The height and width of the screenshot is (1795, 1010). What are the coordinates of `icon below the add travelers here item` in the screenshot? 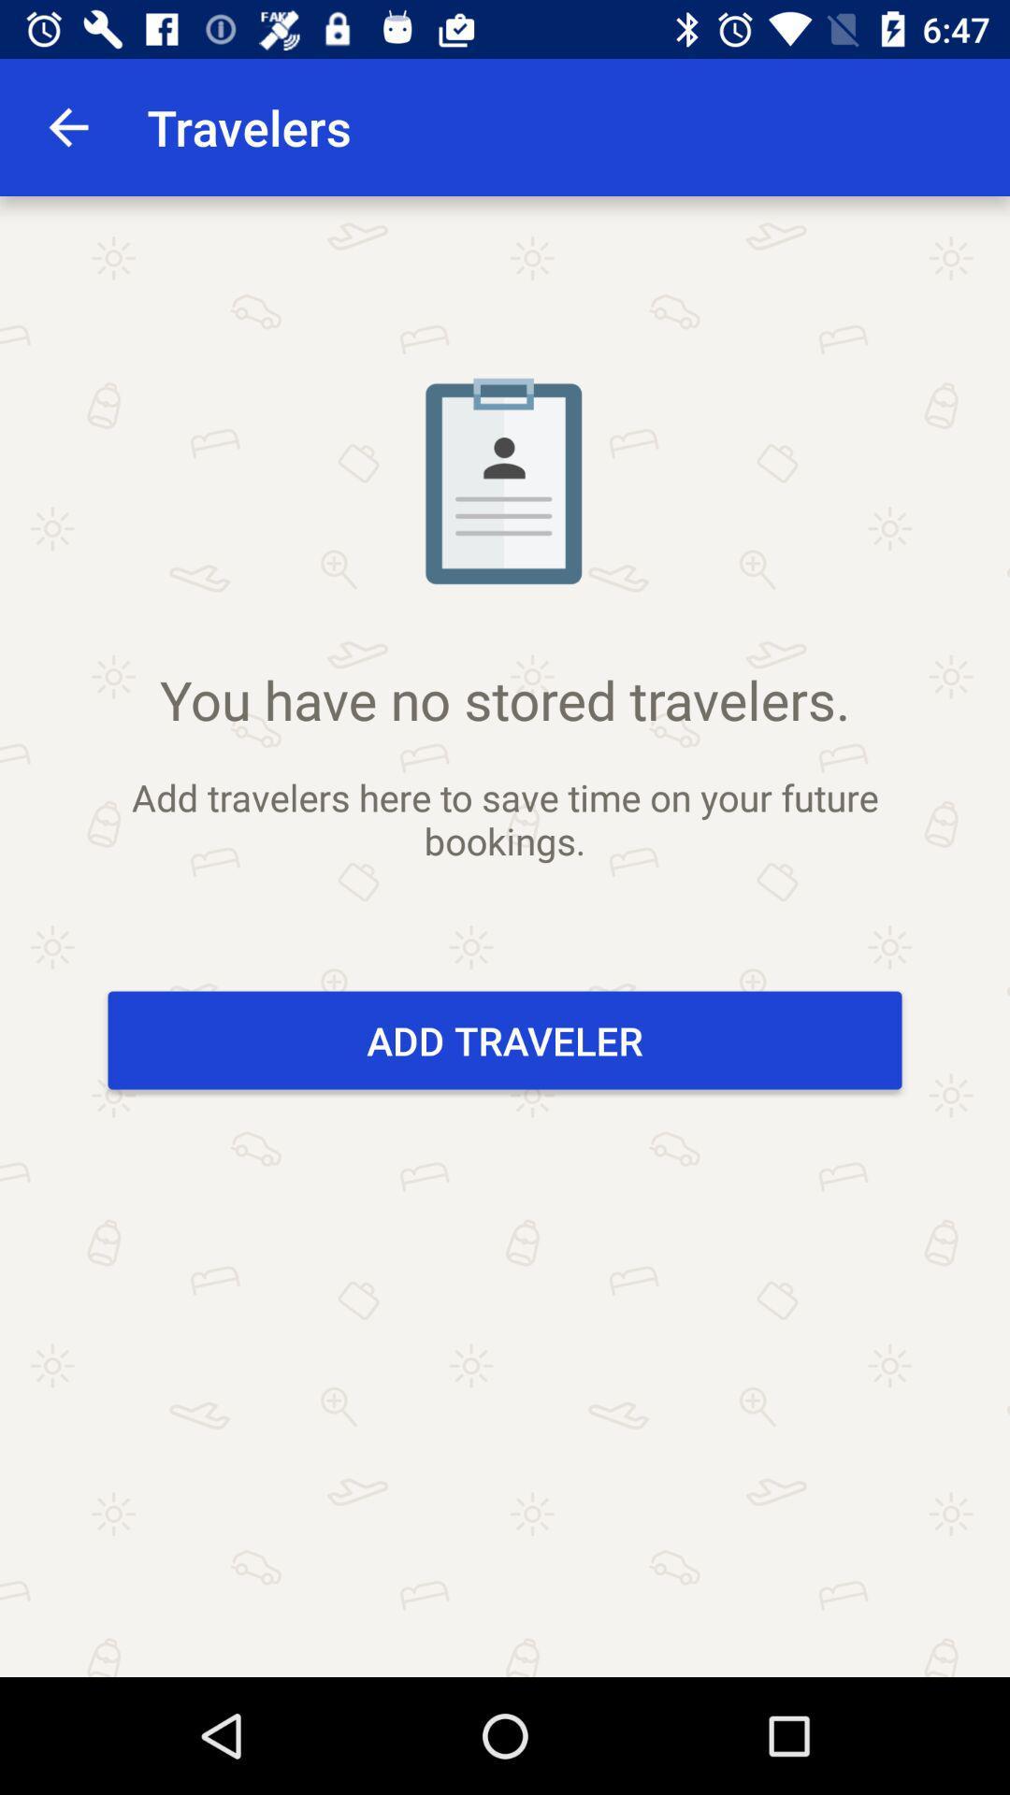 It's located at (505, 1040).